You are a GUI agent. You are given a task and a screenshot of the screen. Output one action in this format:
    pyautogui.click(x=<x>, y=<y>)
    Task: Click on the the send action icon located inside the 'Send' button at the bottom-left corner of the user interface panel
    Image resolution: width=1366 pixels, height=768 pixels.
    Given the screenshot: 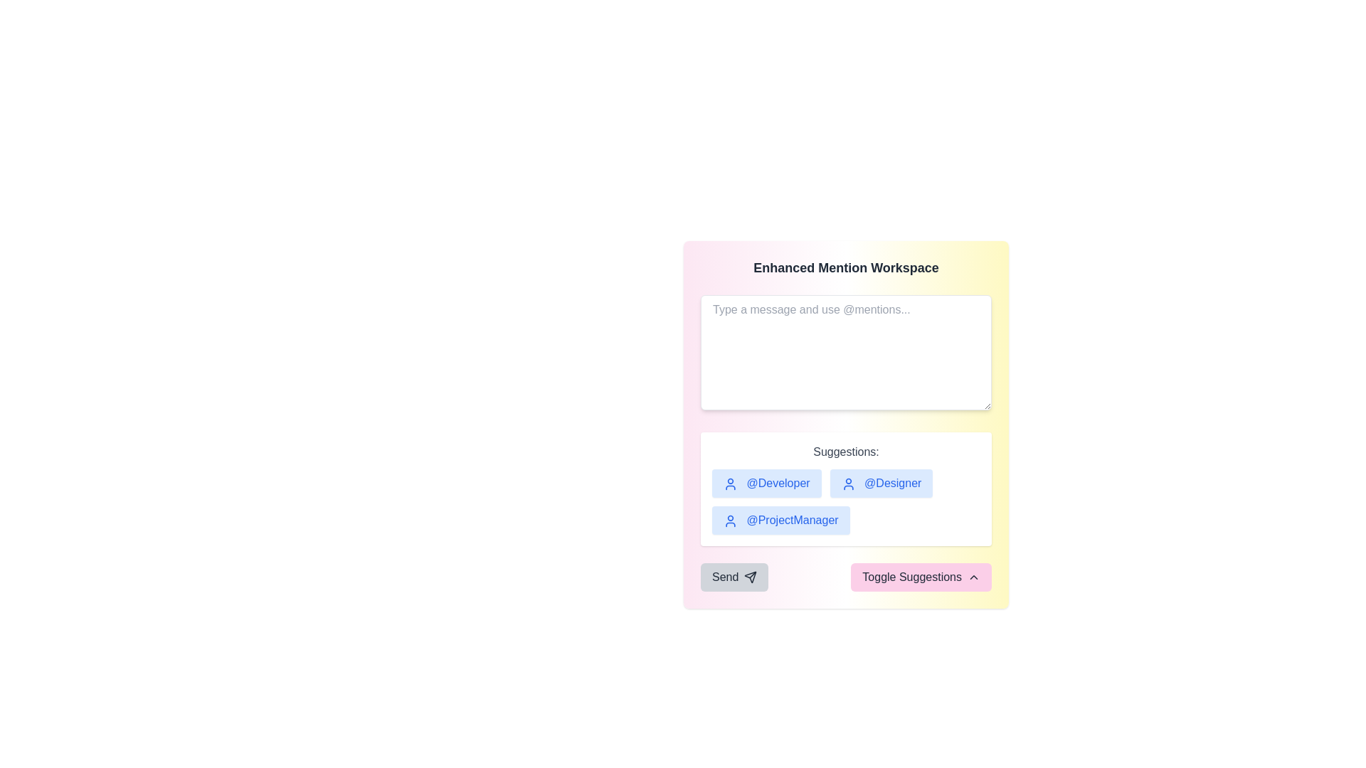 What is the action you would take?
    pyautogui.click(x=750, y=577)
    